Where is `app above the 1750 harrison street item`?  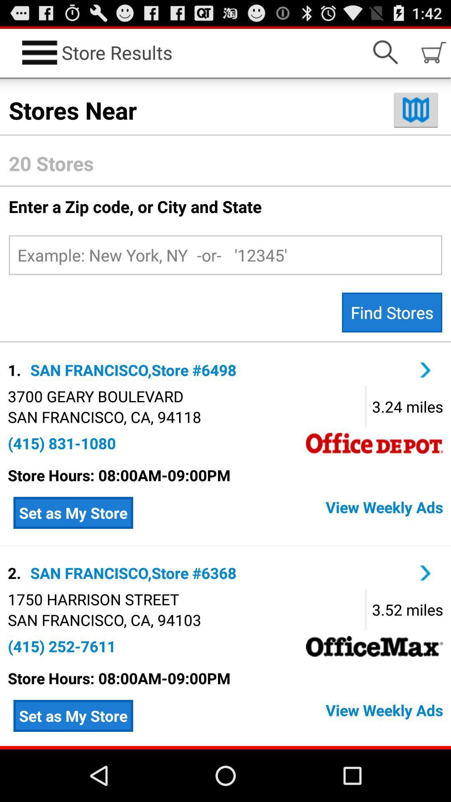 app above the 1750 harrison street item is located at coordinates (16, 572).